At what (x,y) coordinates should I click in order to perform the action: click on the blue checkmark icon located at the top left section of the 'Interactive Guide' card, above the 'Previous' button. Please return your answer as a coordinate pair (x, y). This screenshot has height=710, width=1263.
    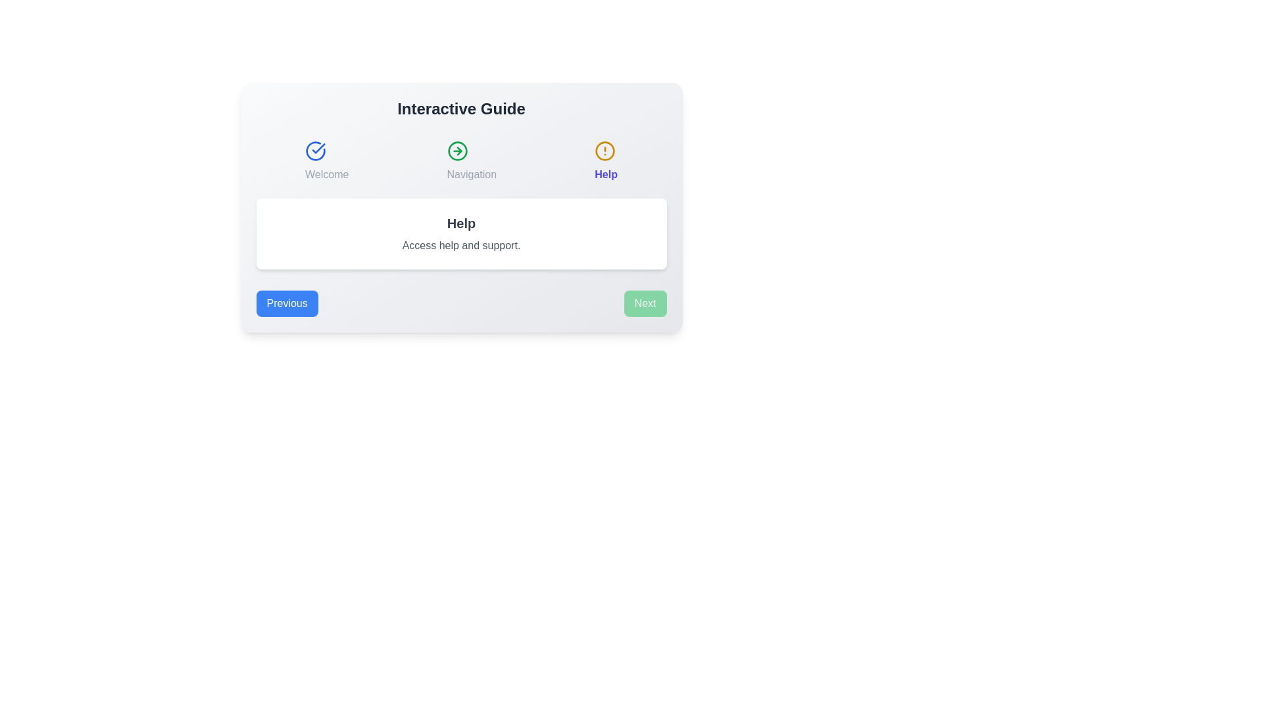
    Looking at the image, I should click on (318, 148).